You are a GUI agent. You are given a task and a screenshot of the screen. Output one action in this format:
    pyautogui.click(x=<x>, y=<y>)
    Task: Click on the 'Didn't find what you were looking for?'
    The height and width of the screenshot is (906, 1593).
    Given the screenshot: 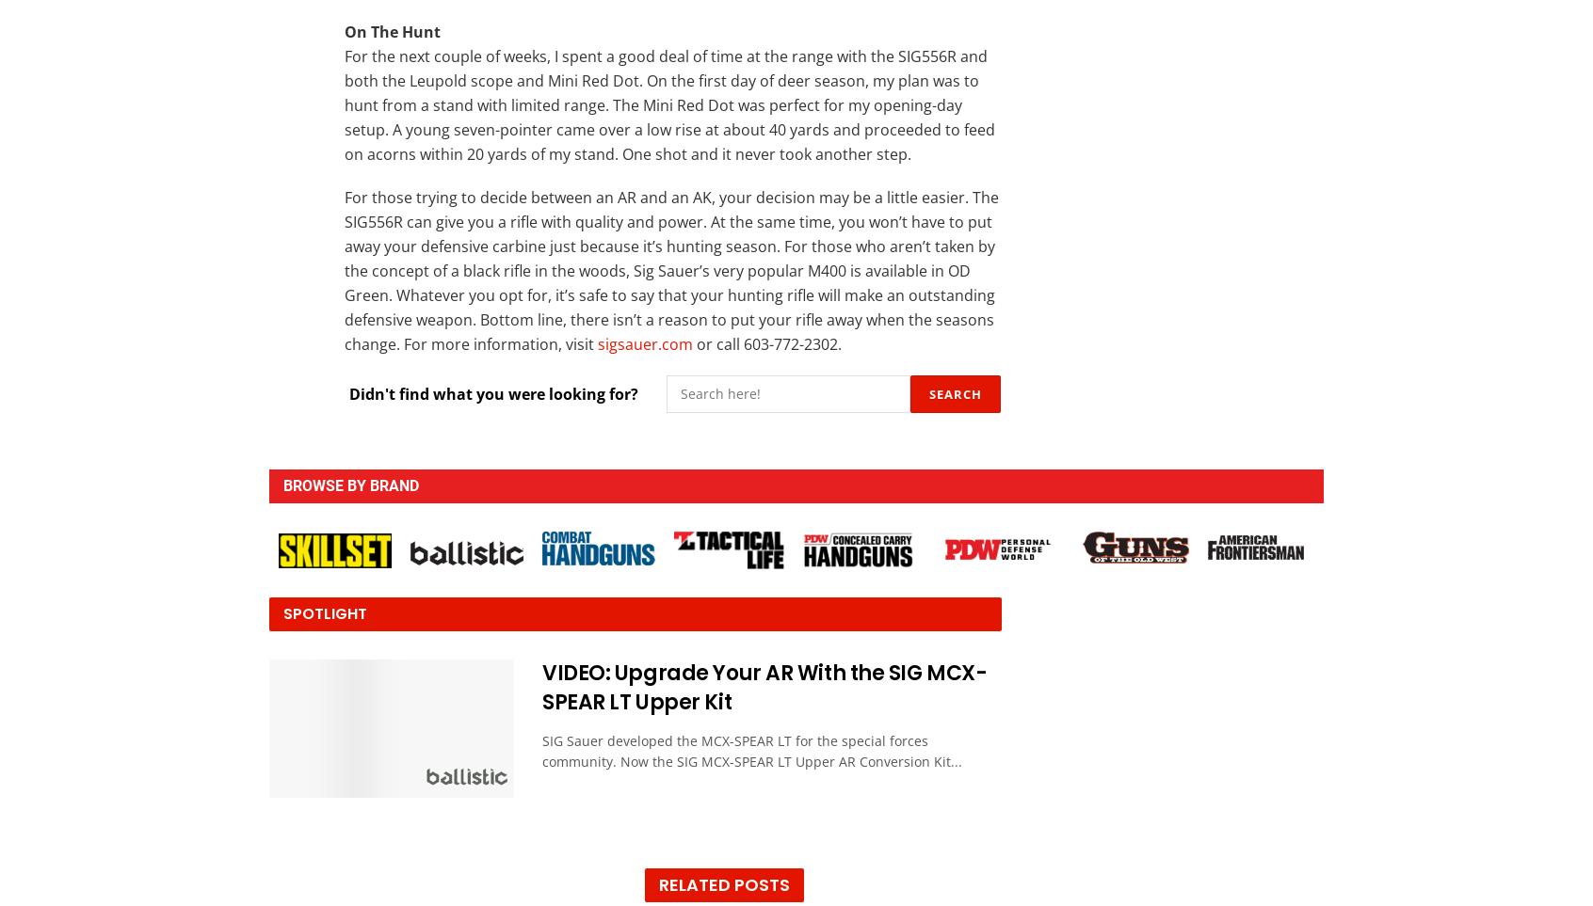 What is the action you would take?
    pyautogui.click(x=493, y=393)
    